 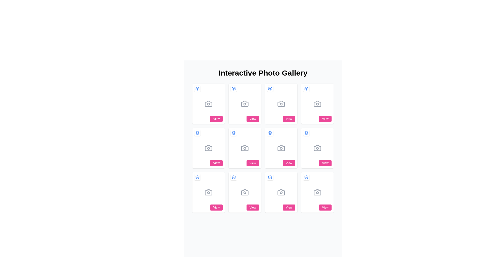 I want to click on the rectangular 'View' button with a pink background and white text, so click(x=325, y=119).